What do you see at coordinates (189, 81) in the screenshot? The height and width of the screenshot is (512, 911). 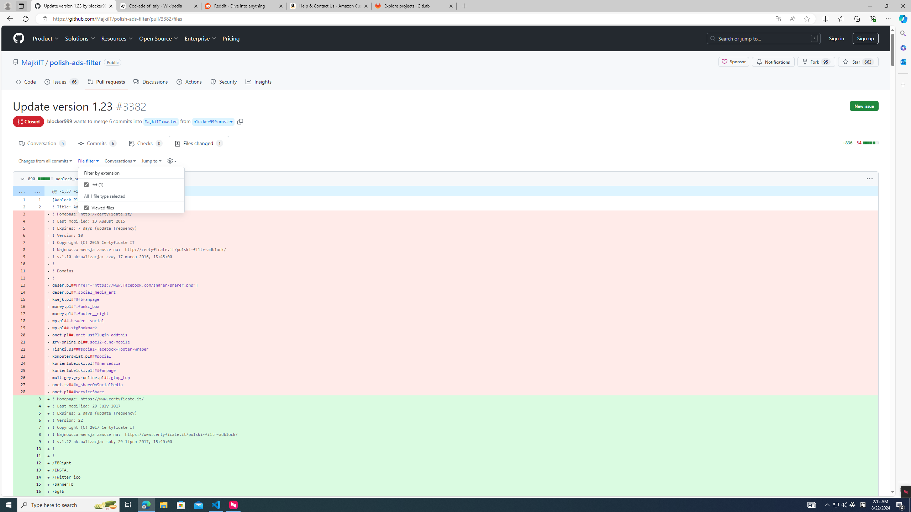 I see `'Actions'` at bounding box center [189, 81].